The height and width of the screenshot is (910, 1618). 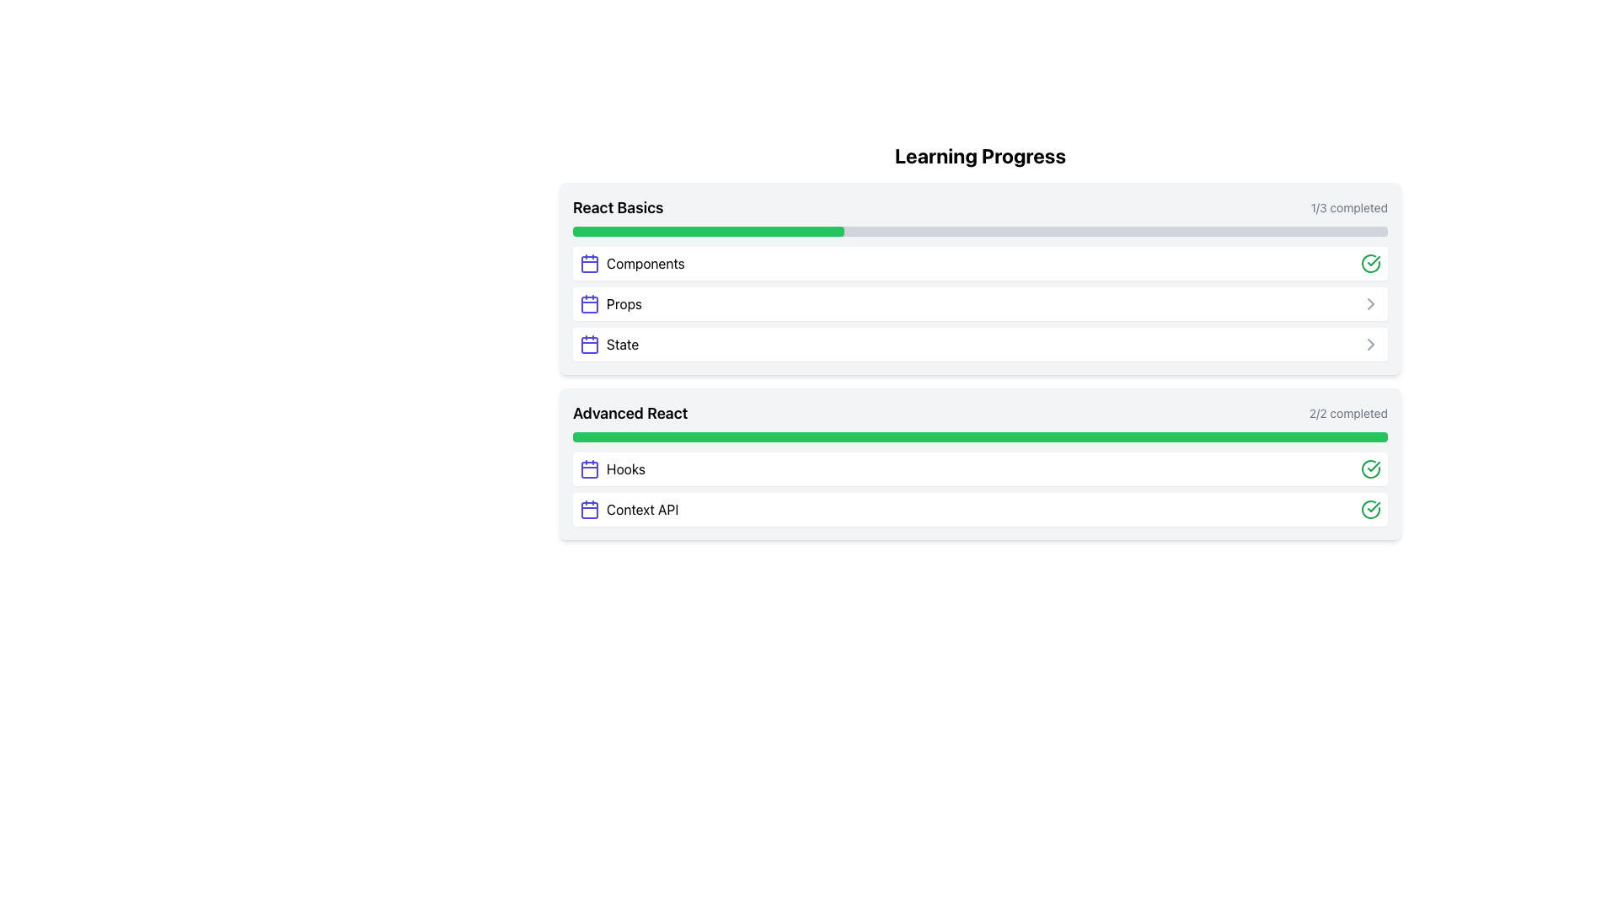 I want to click on the calendar icon associated with the 'State' item in the 'React Basics' section of the 'Learning Progress' interface, so click(x=590, y=343).